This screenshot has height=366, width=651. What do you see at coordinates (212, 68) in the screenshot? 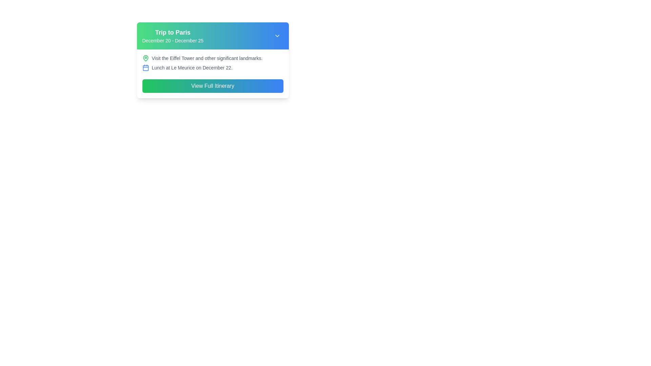
I see `the informational text label displaying 'Lunch at Le Meurice' in the itinerary, which is positioned between 'Visit the Eiffel Tower and other significant landmarks.' and the 'View Full Itinerary' button` at bounding box center [212, 68].